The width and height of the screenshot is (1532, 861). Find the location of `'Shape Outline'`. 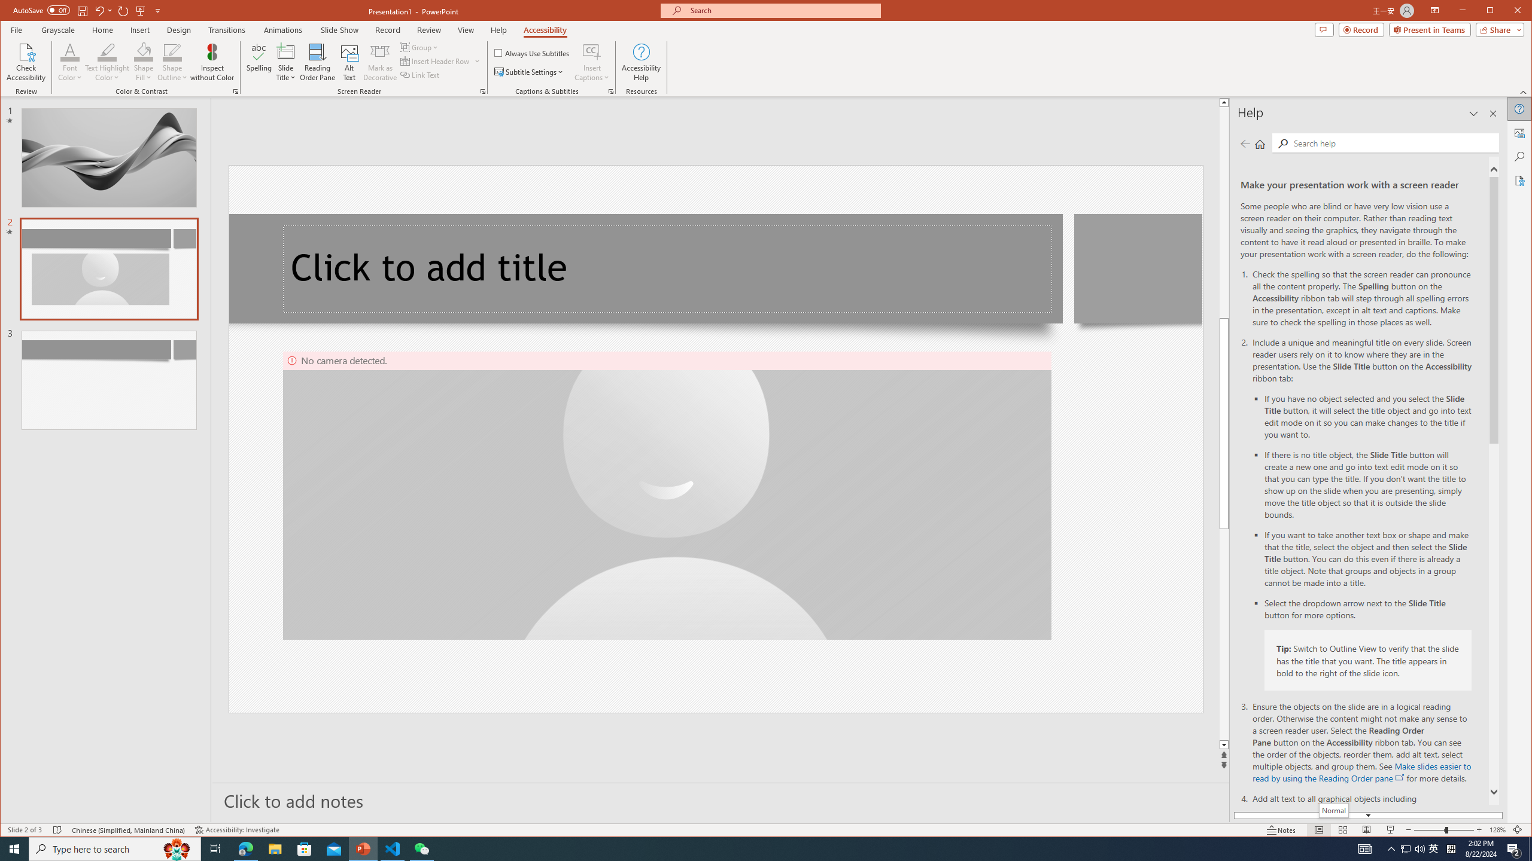

'Shape Outline' is located at coordinates (172, 62).